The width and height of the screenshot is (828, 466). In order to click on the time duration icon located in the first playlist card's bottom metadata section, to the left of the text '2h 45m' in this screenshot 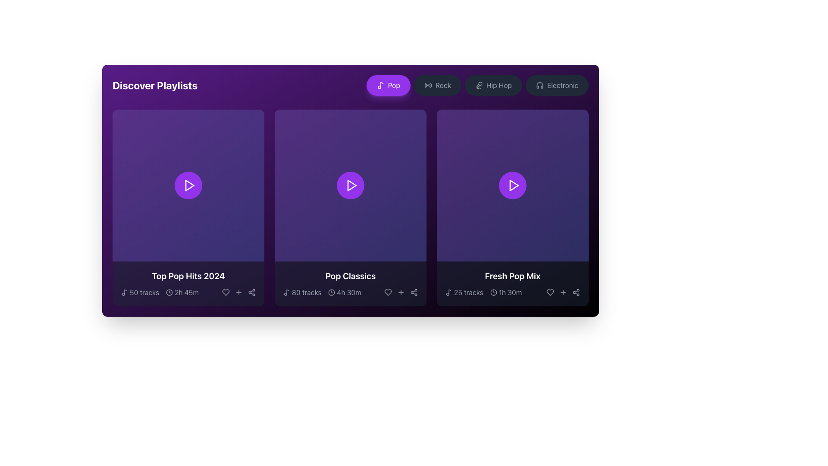, I will do `click(169, 292)`.